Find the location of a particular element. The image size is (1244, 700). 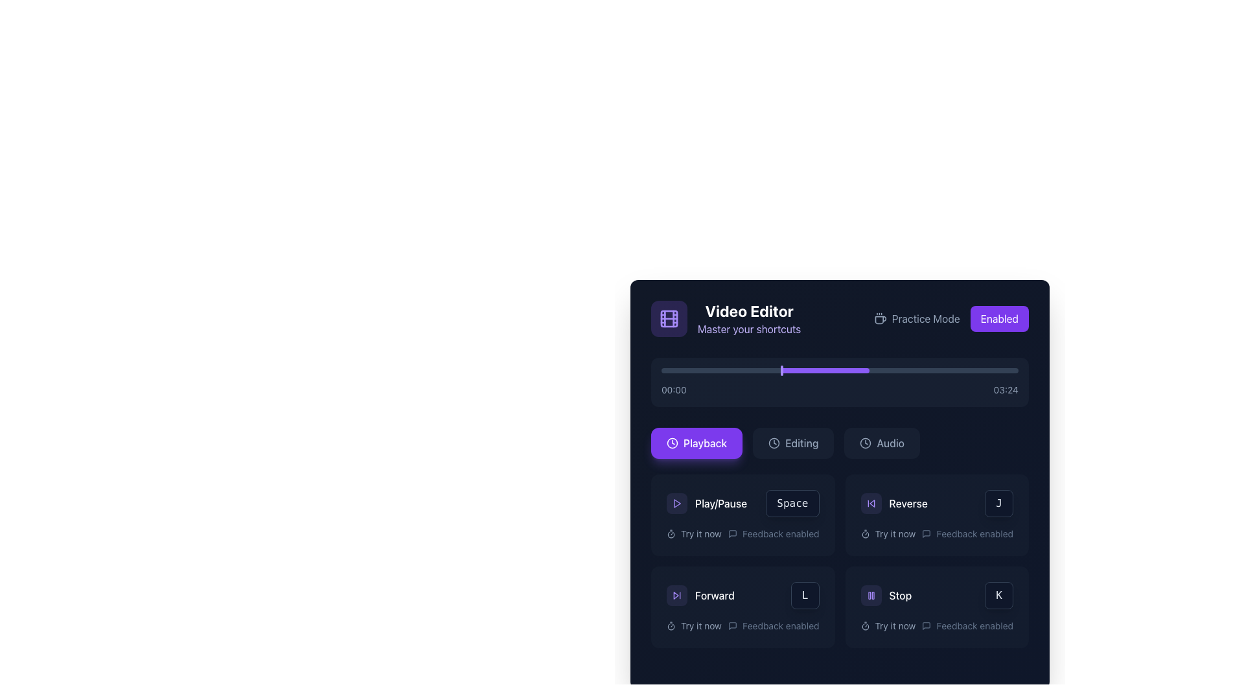

the play icon, which is a triangular shape pointing to the left and styled with a violet hue, located to the left of the text 'Play/Pause' in the Playback section is located at coordinates (676, 502).